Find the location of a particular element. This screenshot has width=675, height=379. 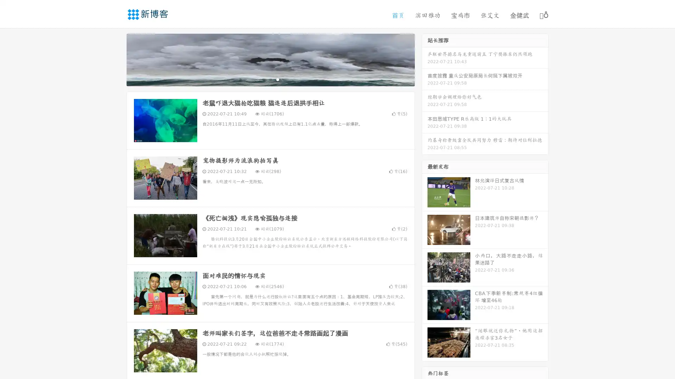

Go to slide 1 is located at coordinates (263, 79).